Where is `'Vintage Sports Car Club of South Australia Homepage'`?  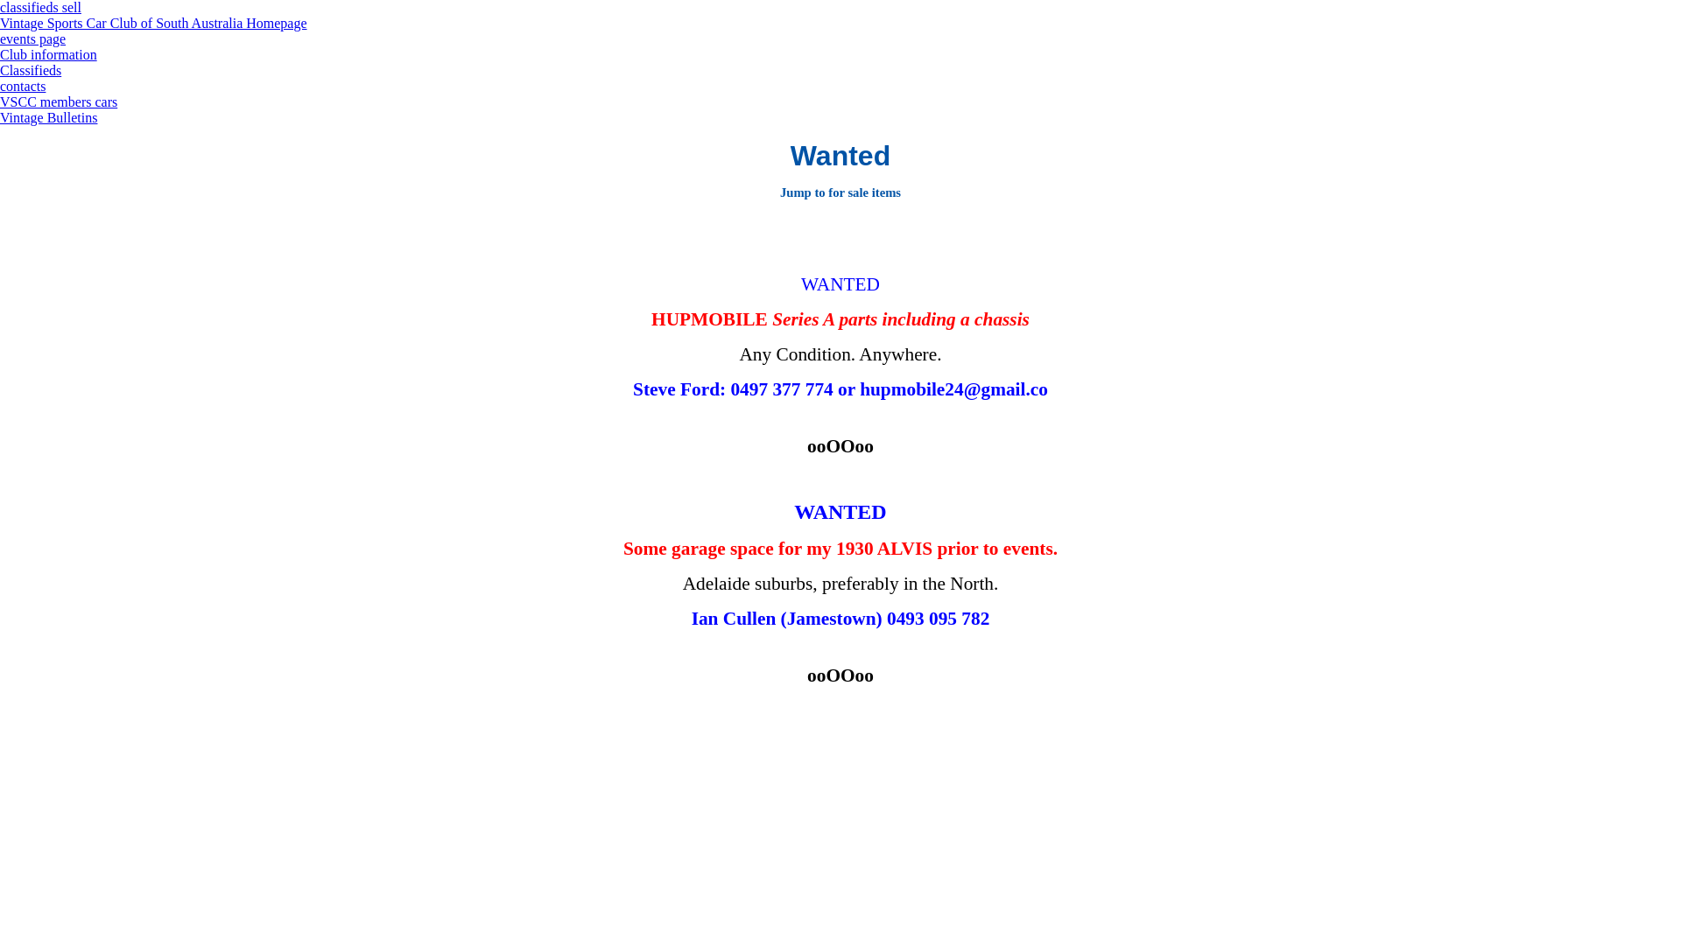
'Vintage Sports Car Club of South Australia Homepage' is located at coordinates (153, 23).